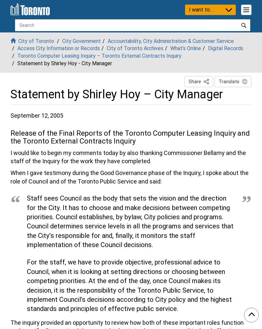 This screenshot has width=262, height=329. I want to click on 'City of Toronto Archives', so click(135, 48).